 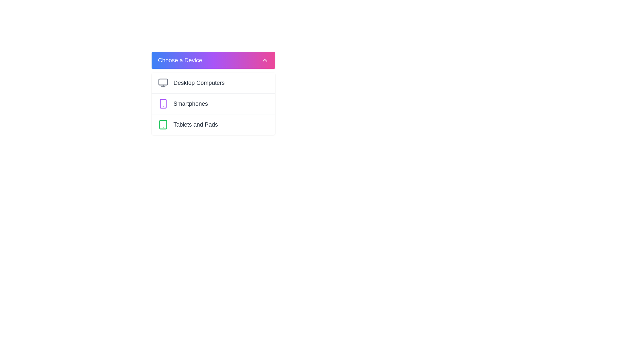 What do you see at coordinates (163, 83) in the screenshot?
I see `the monitor-shaped icon located to the left of the 'Desktop Computers' option in the vertical list of device categories` at bounding box center [163, 83].